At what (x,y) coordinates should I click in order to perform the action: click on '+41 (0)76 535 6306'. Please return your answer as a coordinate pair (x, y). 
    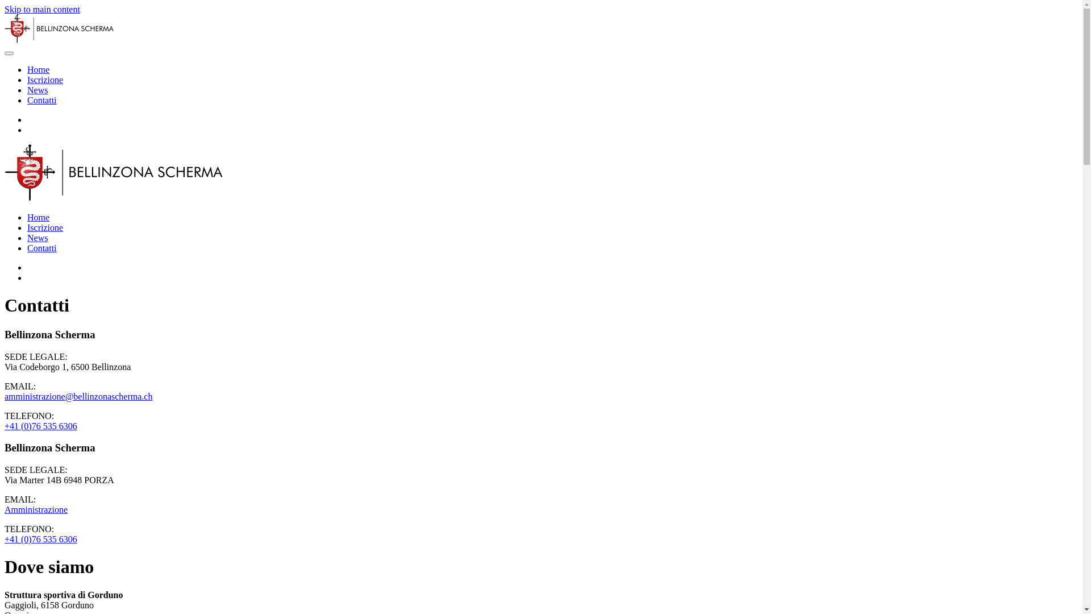
    Looking at the image, I should click on (41, 426).